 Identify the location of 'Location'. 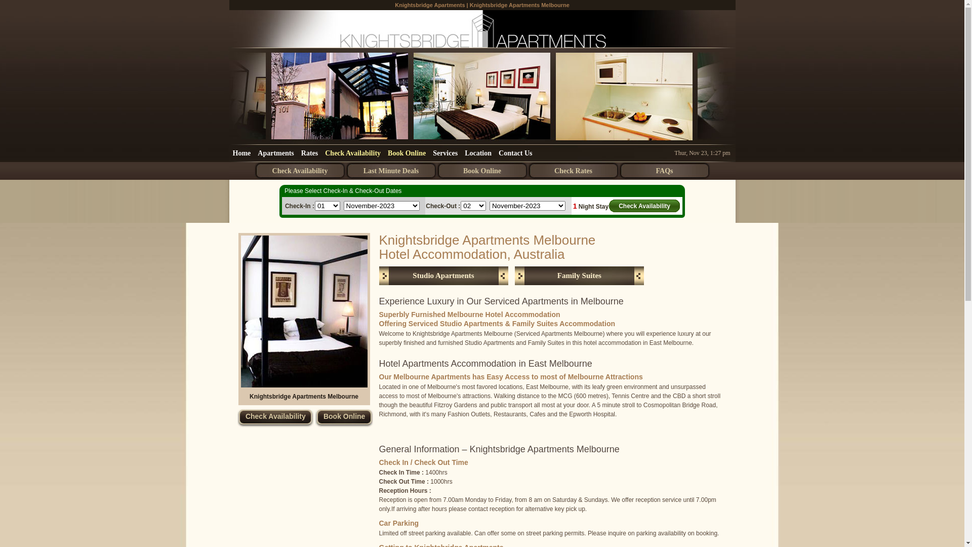
(461, 153).